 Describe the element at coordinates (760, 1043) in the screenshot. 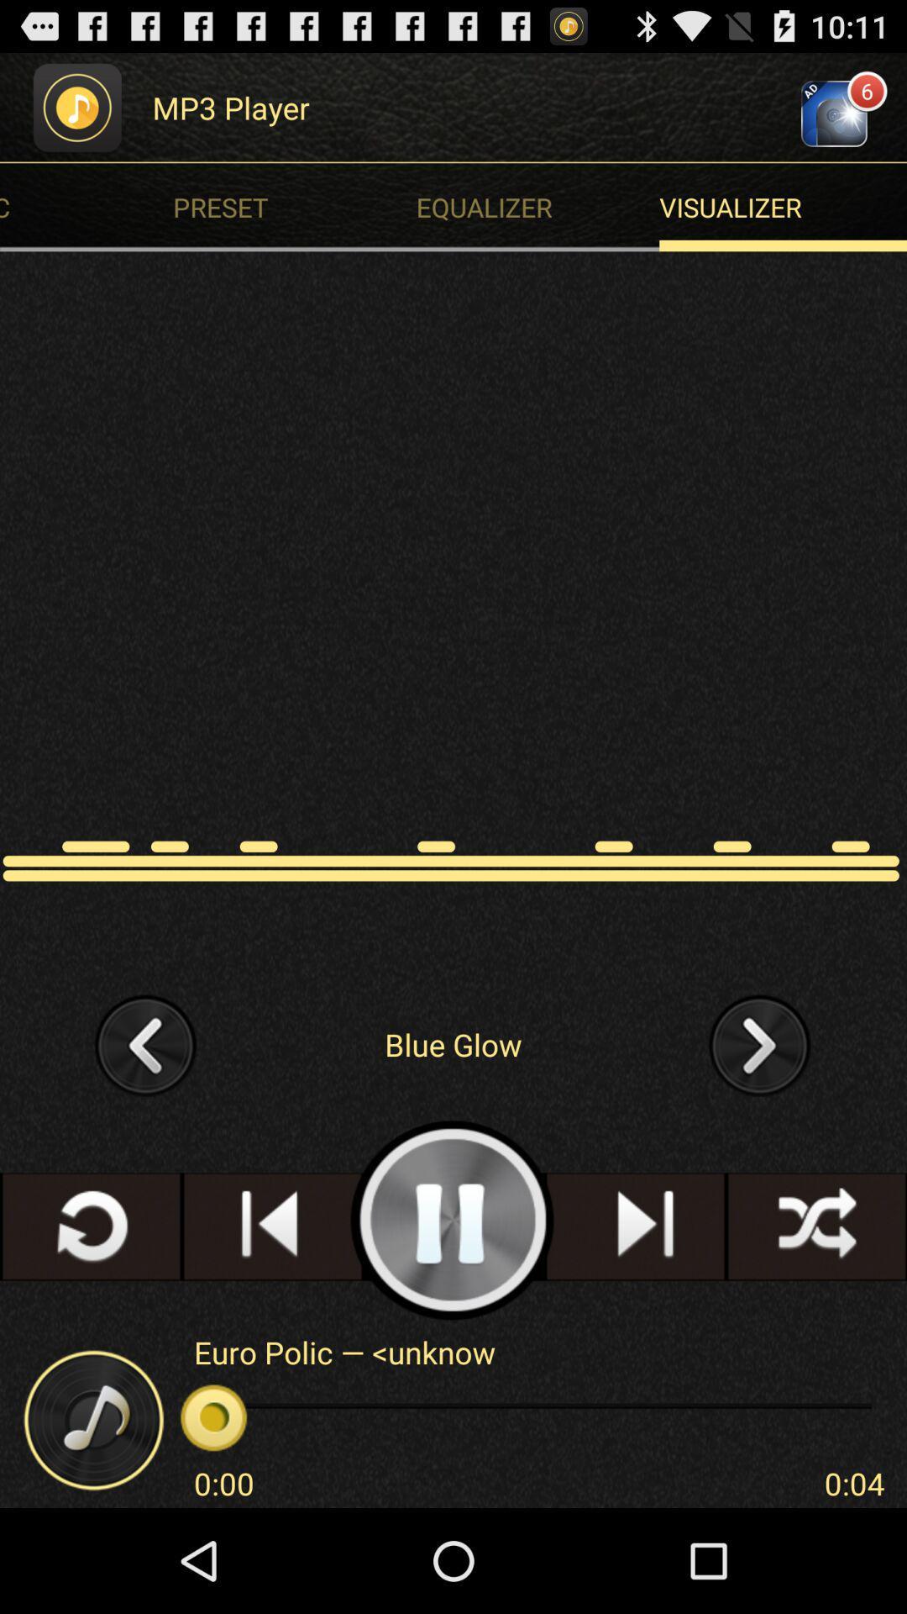

I see `icon on the right` at that location.